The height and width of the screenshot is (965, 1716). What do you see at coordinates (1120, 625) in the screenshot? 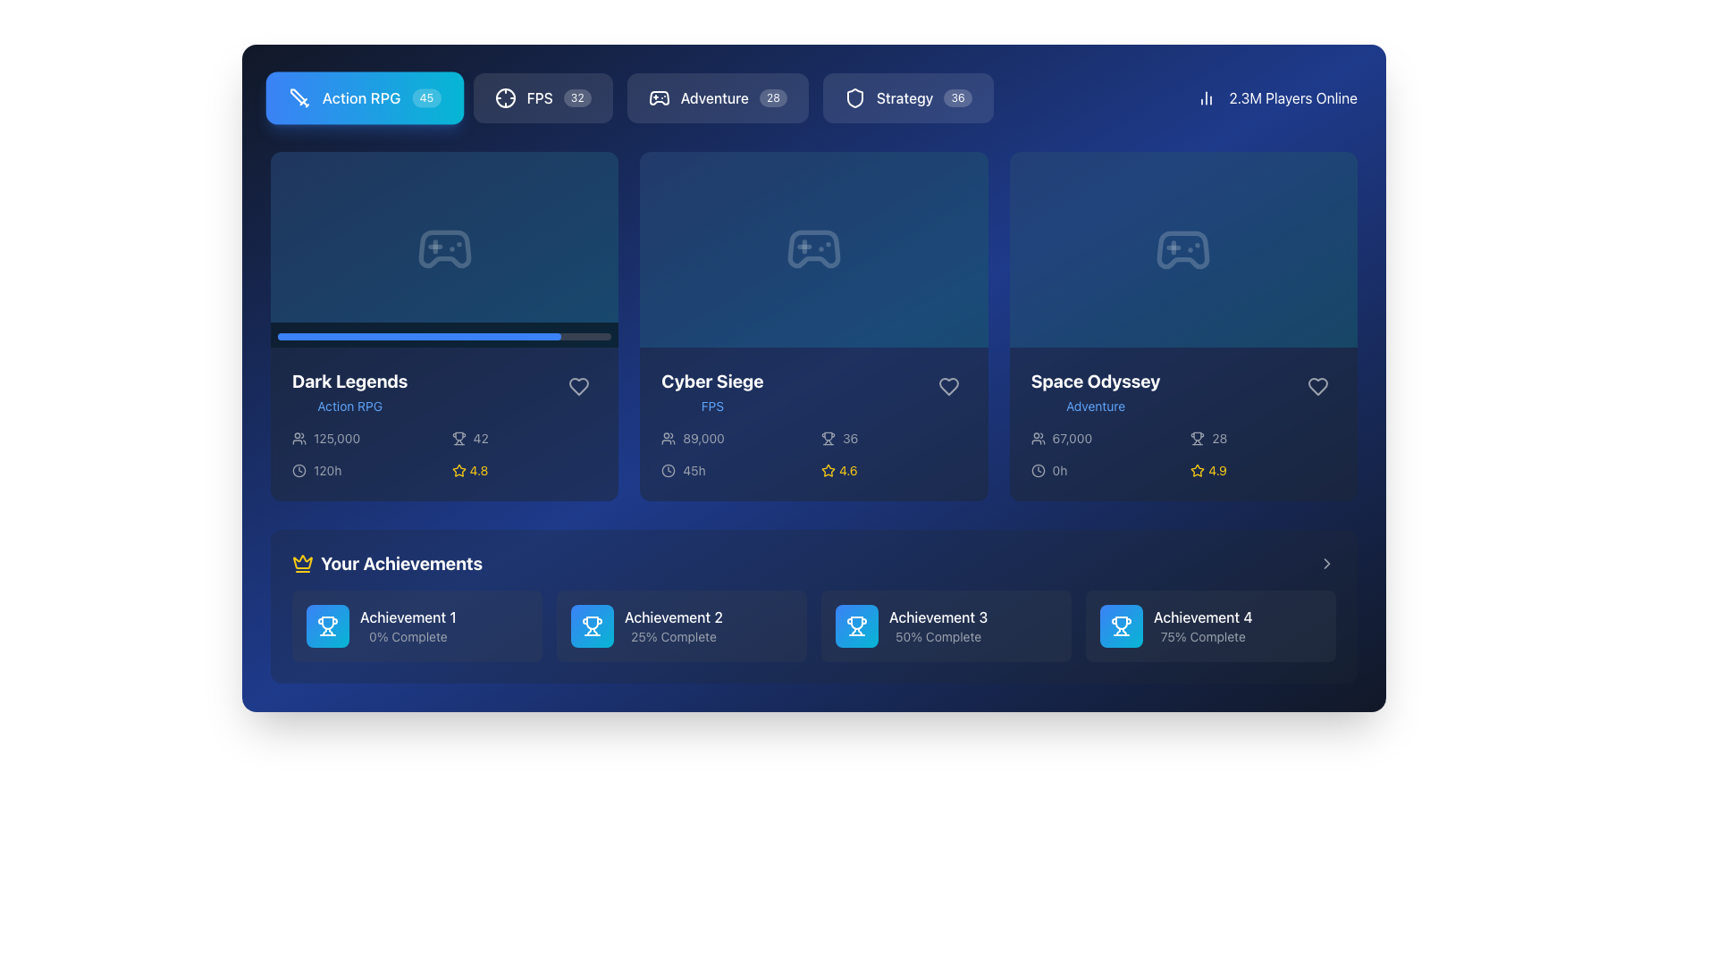
I see `the icon representing the achievement status for 'Achievement 4', located` at bounding box center [1120, 625].